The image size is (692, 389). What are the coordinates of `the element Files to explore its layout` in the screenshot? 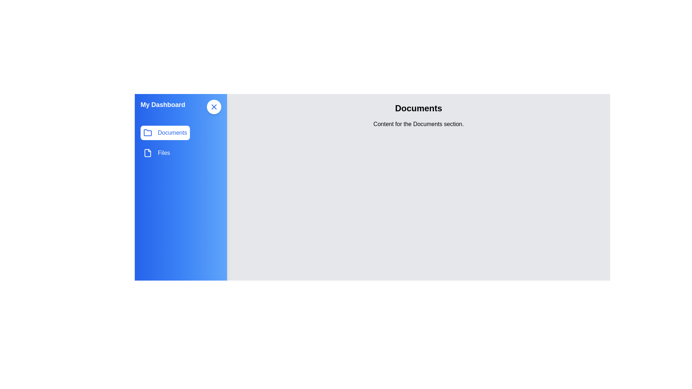 It's located at (156, 152).